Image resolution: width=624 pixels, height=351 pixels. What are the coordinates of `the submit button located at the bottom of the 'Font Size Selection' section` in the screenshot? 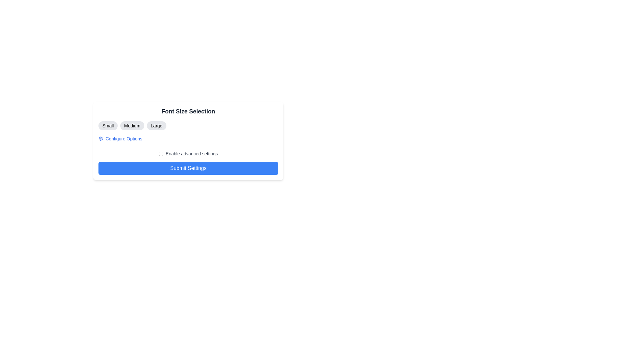 It's located at (188, 168).